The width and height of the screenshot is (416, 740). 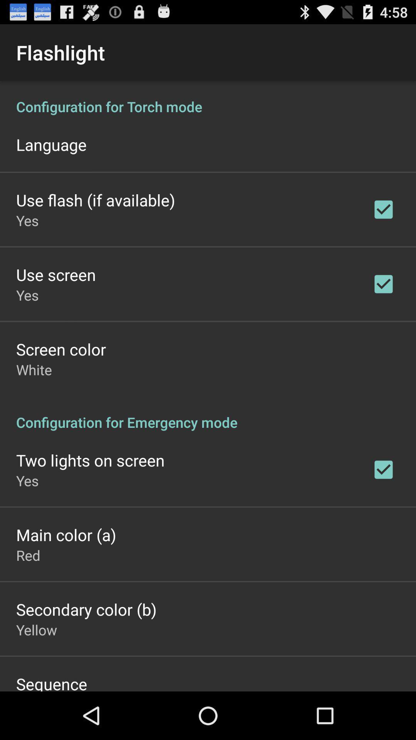 What do you see at coordinates (95, 200) in the screenshot?
I see `the item below language` at bounding box center [95, 200].